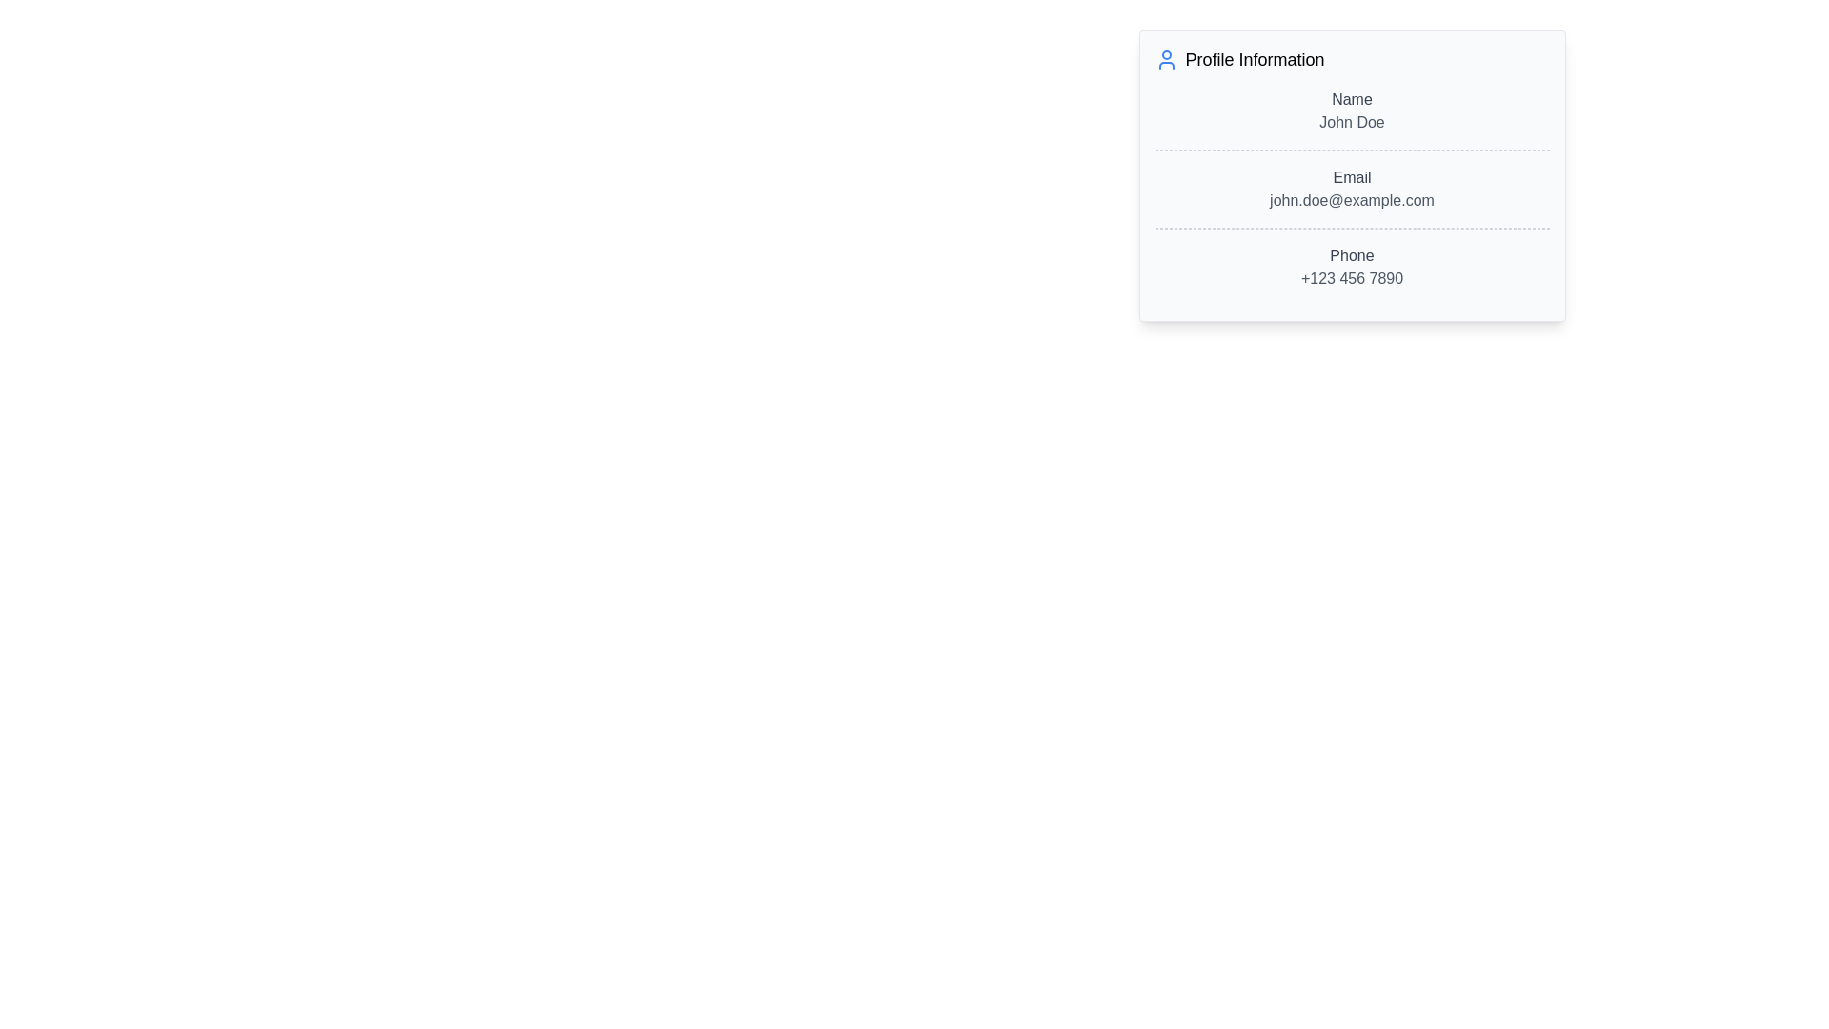 The image size is (1829, 1029). Describe the element at coordinates (1351, 227) in the screenshot. I see `the separator line that visually separates the 'Email' and 'Phone' information in the 'Profile Information' card` at that location.